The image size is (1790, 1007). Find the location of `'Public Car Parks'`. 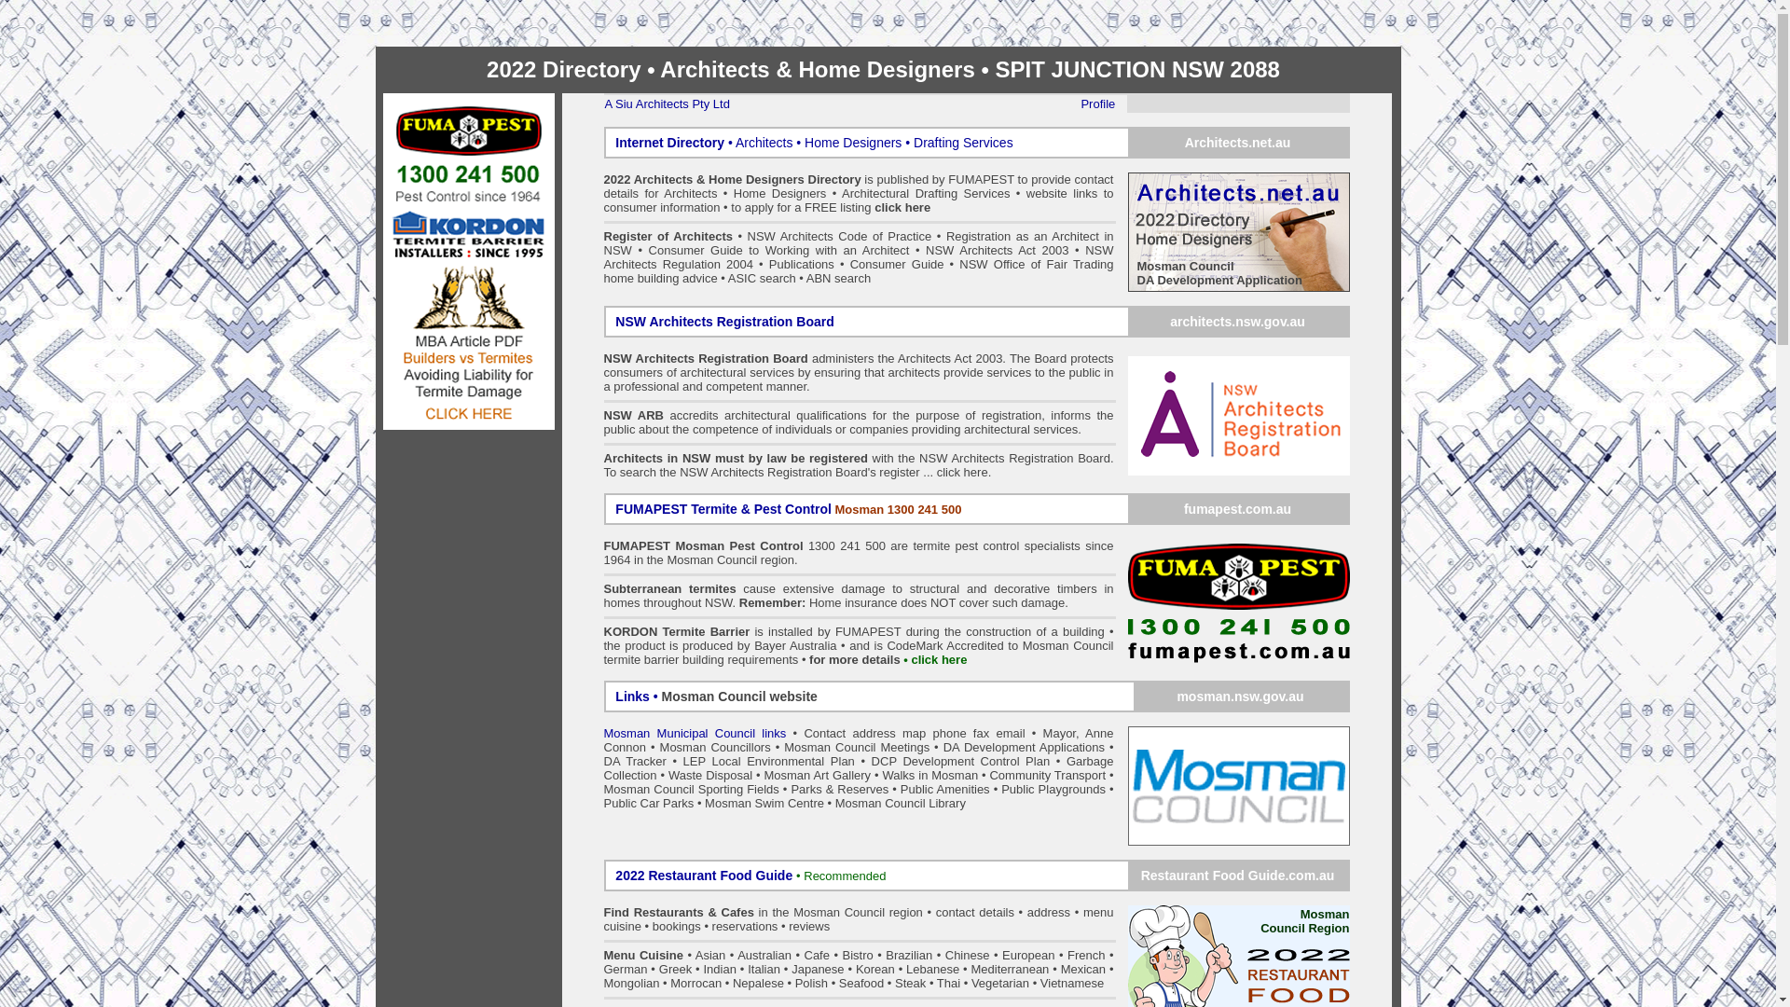

'Public Car Parks' is located at coordinates (649, 802).